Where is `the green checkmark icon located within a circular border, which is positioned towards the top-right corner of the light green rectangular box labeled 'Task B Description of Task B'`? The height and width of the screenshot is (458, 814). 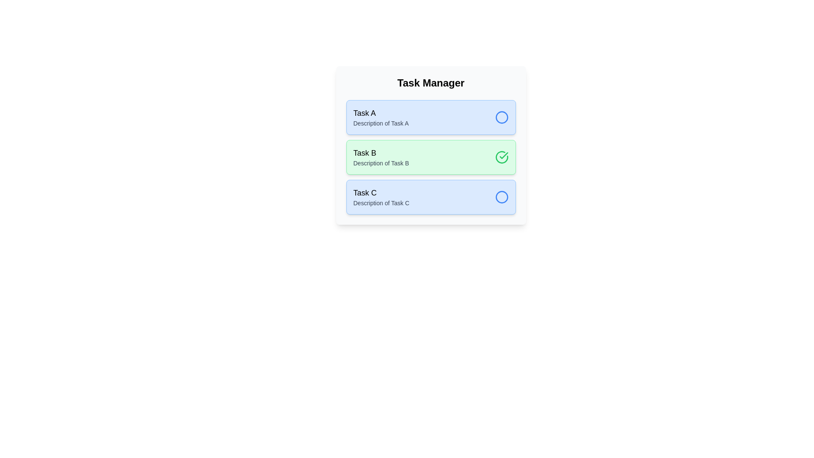
the green checkmark icon located within a circular border, which is positioned towards the top-right corner of the light green rectangular box labeled 'Task B Description of Task B' is located at coordinates (504, 155).